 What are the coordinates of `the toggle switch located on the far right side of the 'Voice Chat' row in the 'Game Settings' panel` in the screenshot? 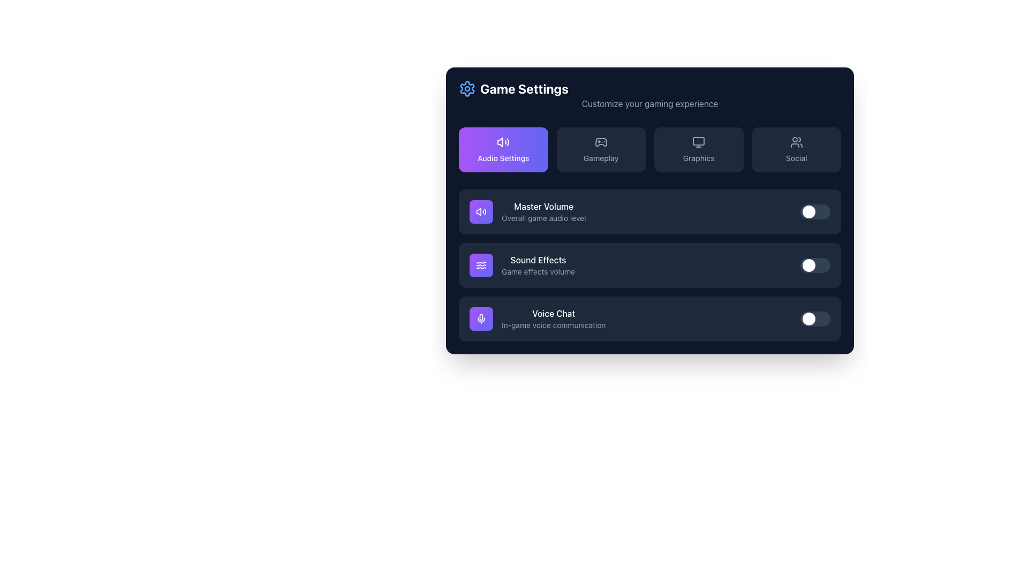 It's located at (814, 318).